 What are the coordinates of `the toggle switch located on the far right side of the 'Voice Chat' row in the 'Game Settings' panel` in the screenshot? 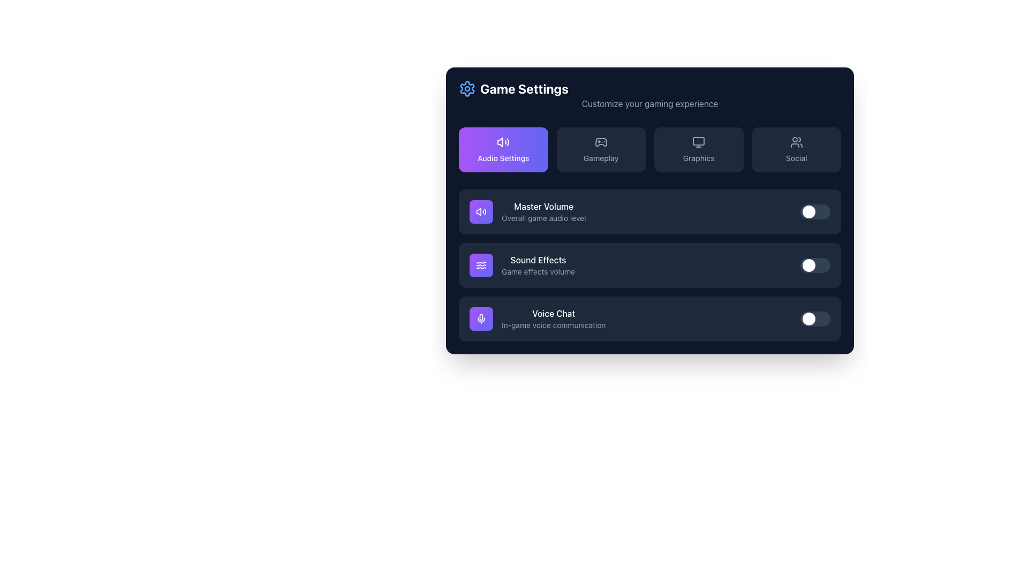 It's located at (814, 318).